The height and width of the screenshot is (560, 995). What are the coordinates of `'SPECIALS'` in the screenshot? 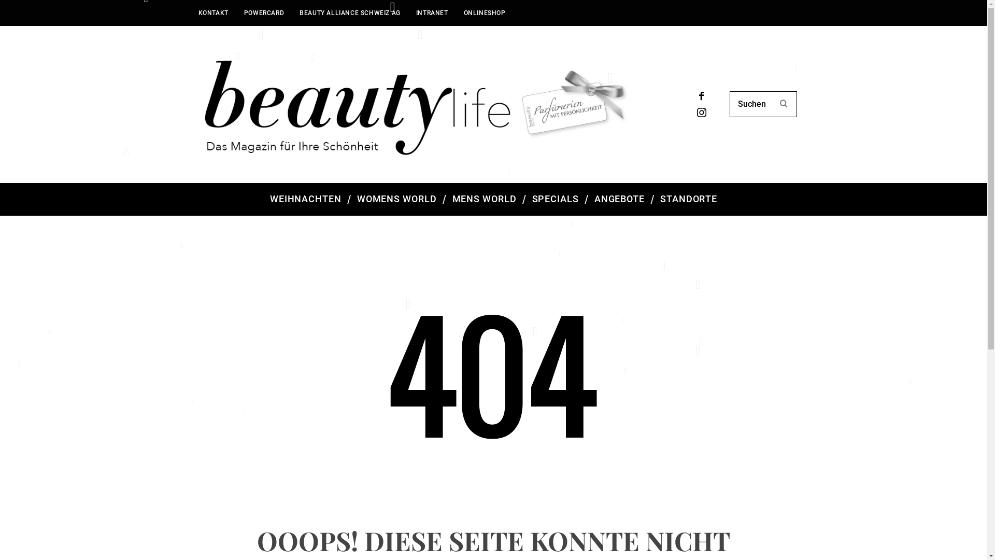 It's located at (555, 199).